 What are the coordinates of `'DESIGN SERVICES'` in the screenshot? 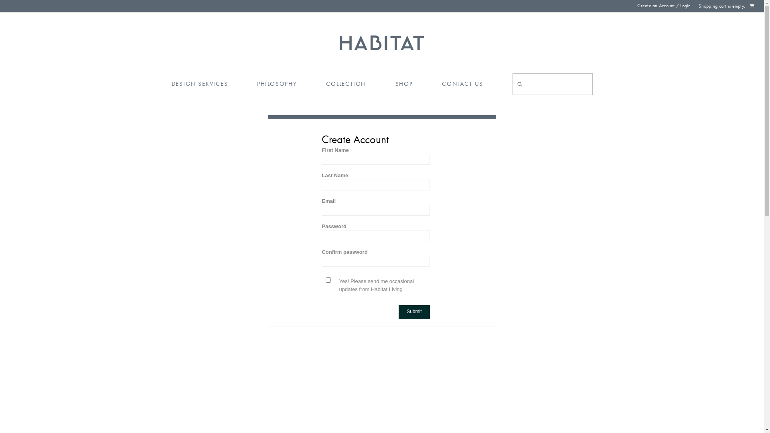 It's located at (200, 84).